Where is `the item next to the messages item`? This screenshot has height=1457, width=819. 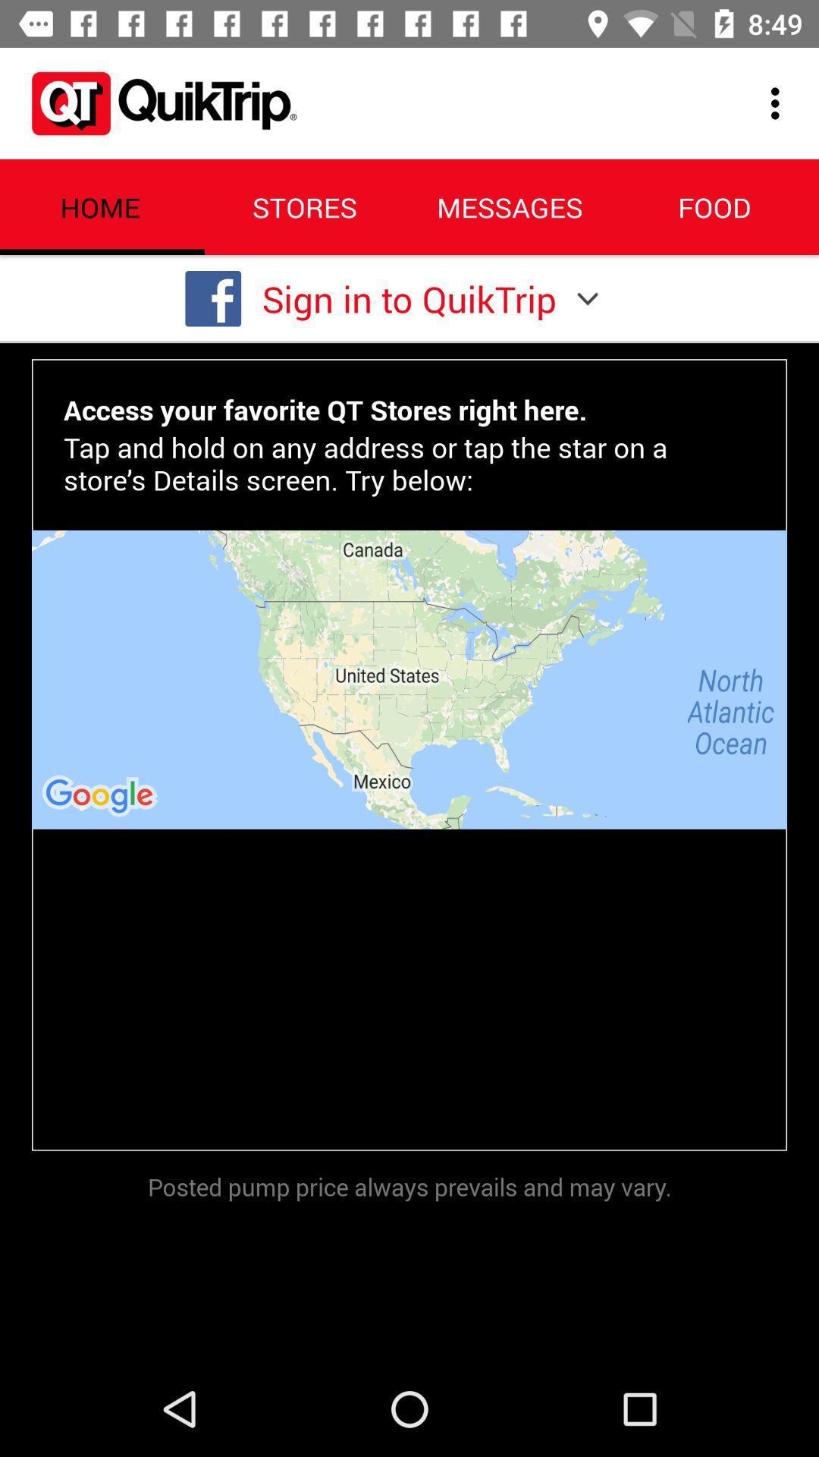 the item next to the messages item is located at coordinates (779, 102).